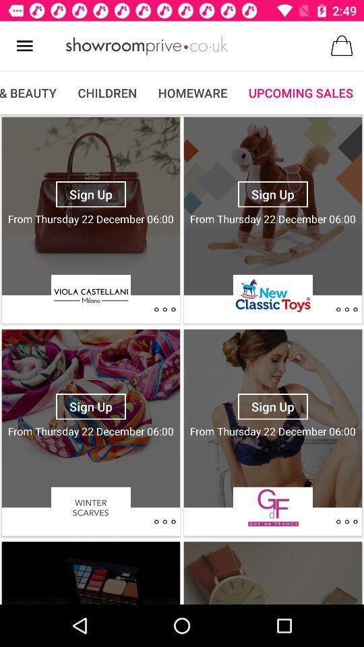 Image resolution: width=364 pixels, height=647 pixels. I want to click on homepage, so click(146, 46).